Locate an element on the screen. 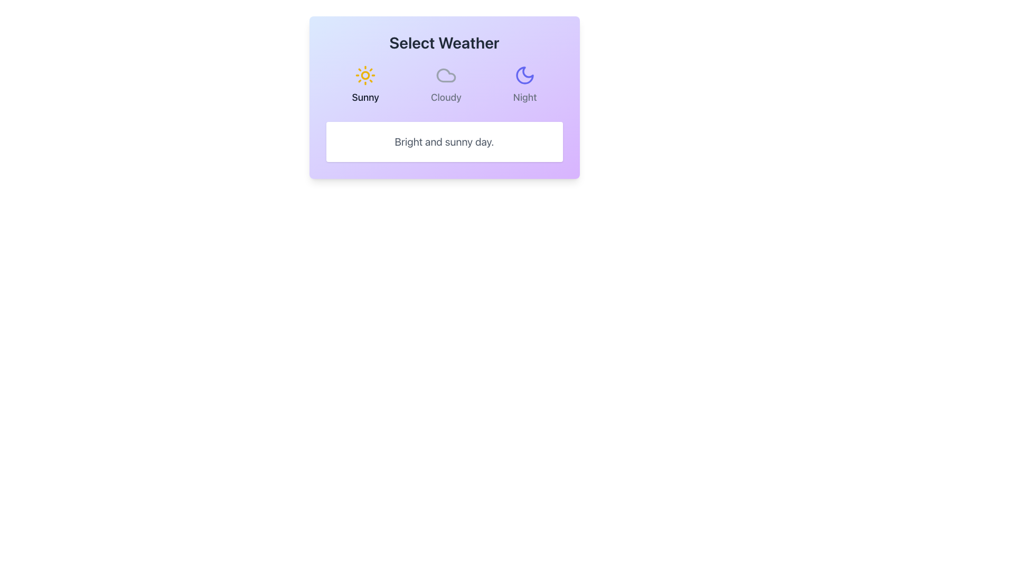 The width and height of the screenshot is (1014, 570). the 'Cloudy' weather icon, which is centrally positioned in the second column of a three-column grid, indicating the weather state is located at coordinates (446, 74).